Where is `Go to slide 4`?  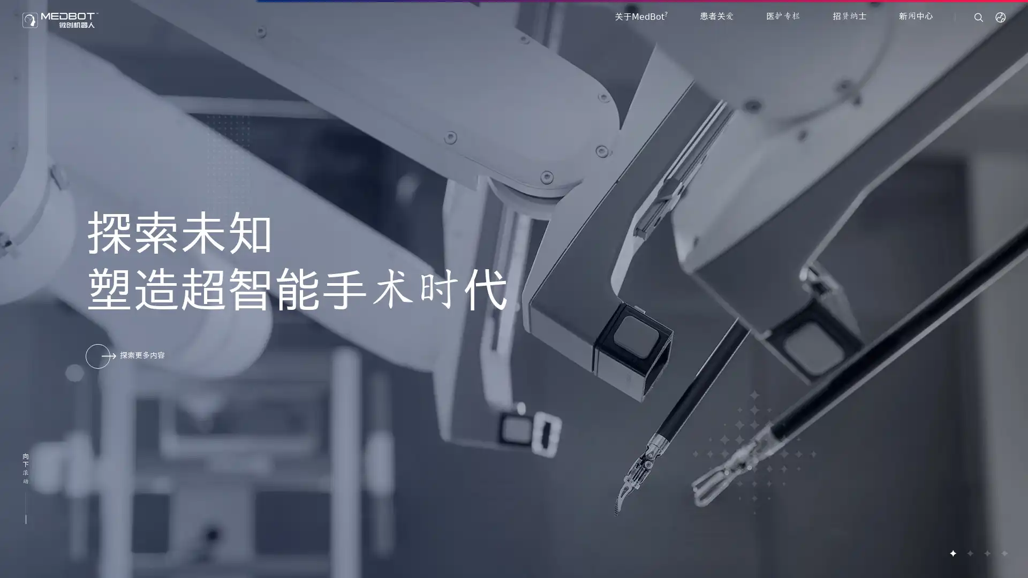
Go to slide 4 is located at coordinates (1003, 553).